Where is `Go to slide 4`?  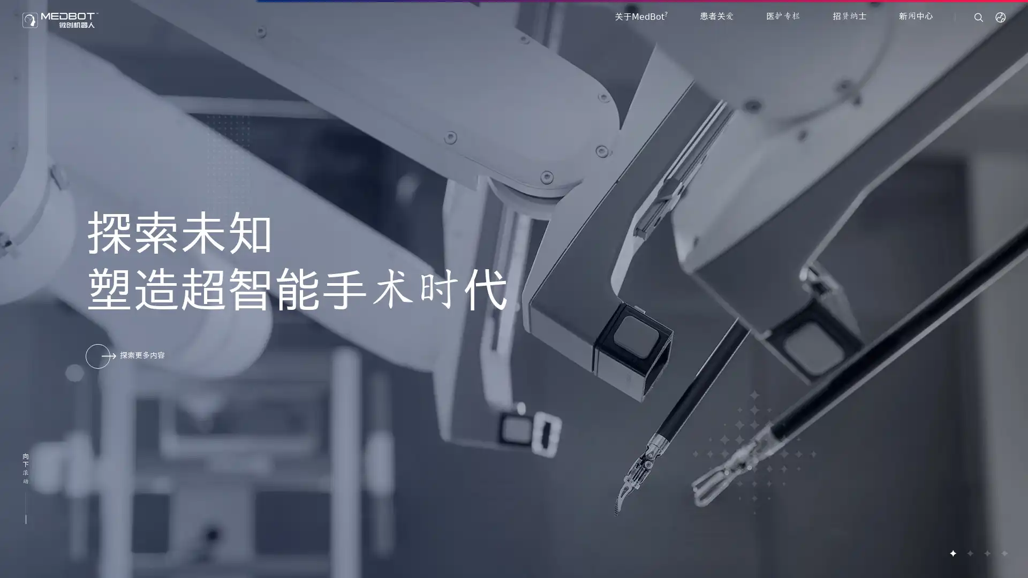
Go to slide 4 is located at coordinates (1003, 553).